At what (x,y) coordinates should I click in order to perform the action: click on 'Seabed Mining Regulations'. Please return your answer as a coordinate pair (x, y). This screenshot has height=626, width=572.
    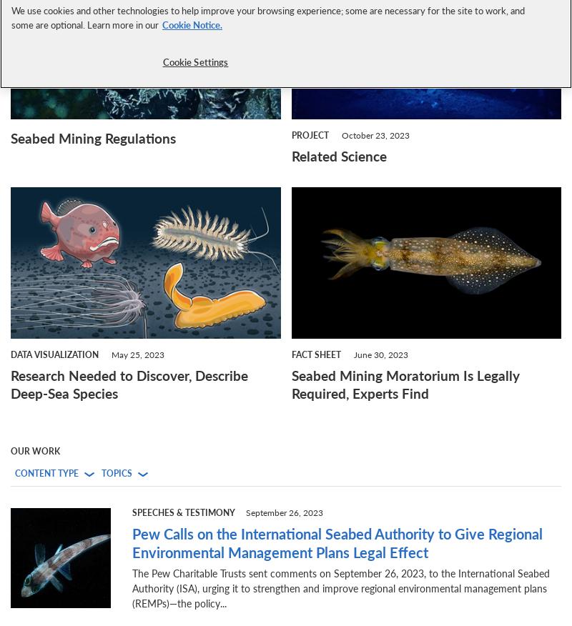
    Looking at the image, I should click on (10, 138).